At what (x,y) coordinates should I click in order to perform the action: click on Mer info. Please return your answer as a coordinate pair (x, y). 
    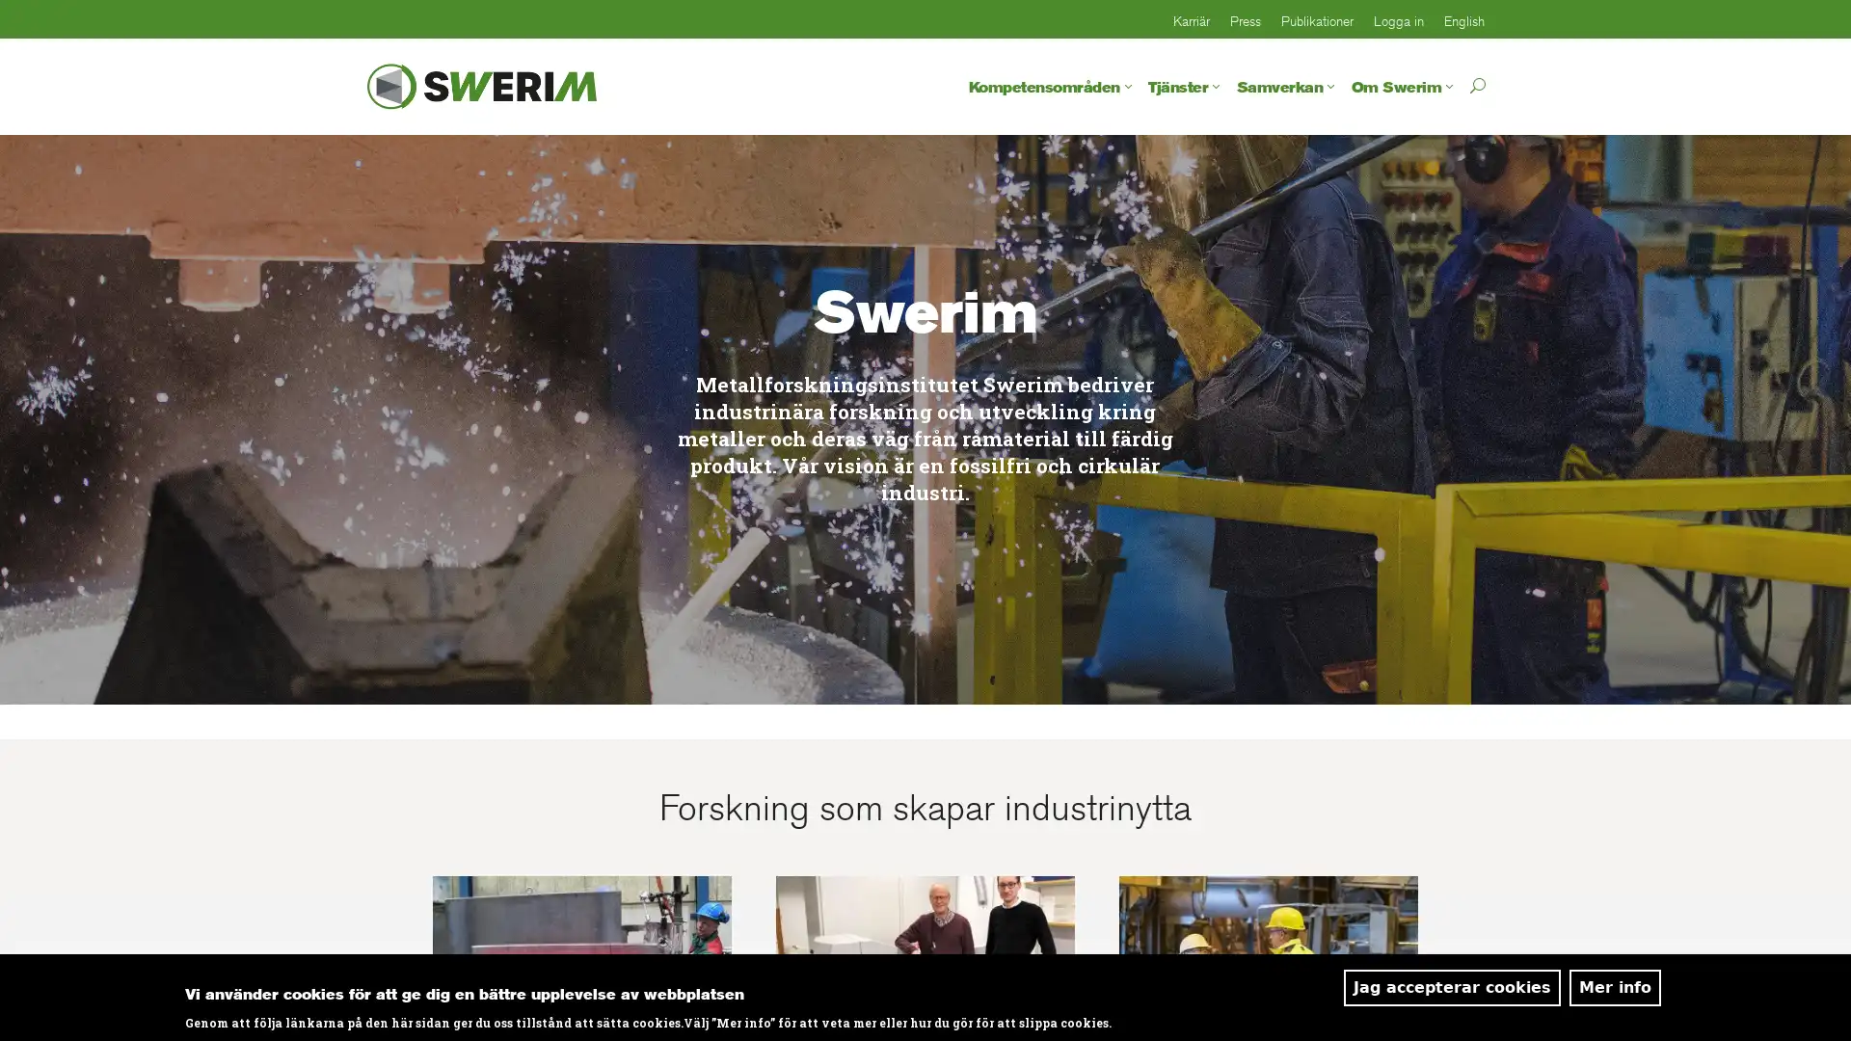
    Looking at the image, I should click on (1615, 986).